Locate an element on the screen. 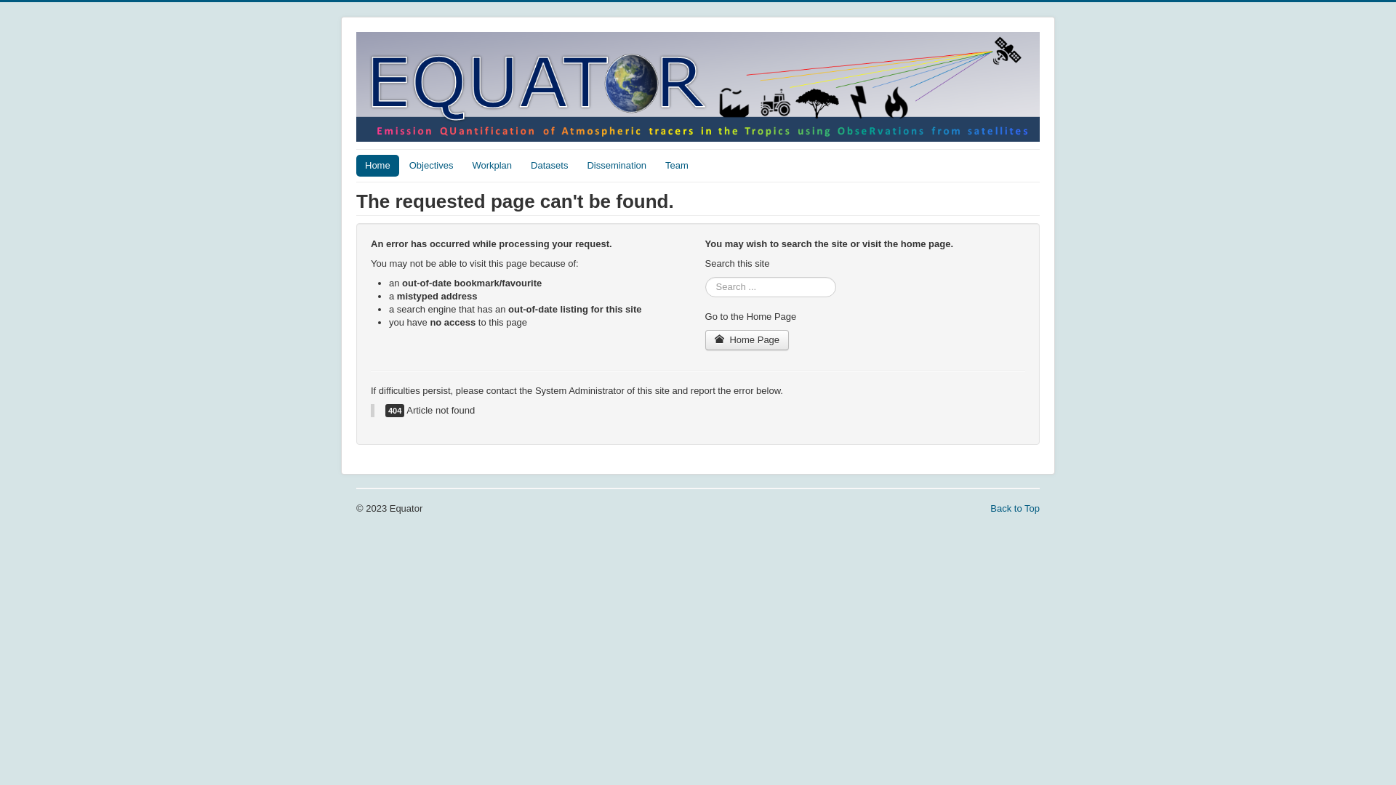 Image resolution: width=1396 pixels, height=785 pixels. 'Objectives' is located at coordinates (430, 164).